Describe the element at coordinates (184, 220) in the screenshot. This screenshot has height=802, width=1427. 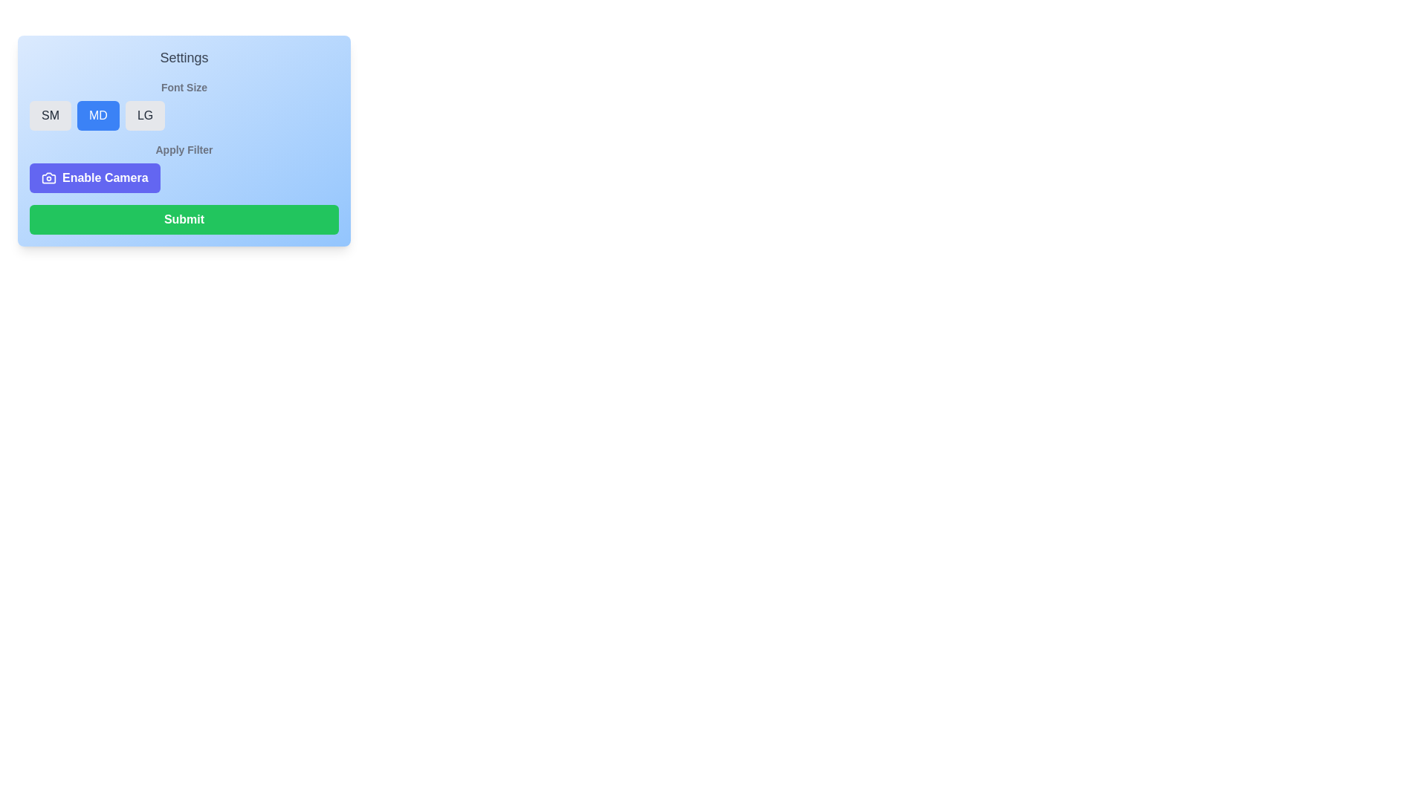
I see `the 'Submit' button located at the bottom of the 'Settings' card to finalize and submit changes` at that location.